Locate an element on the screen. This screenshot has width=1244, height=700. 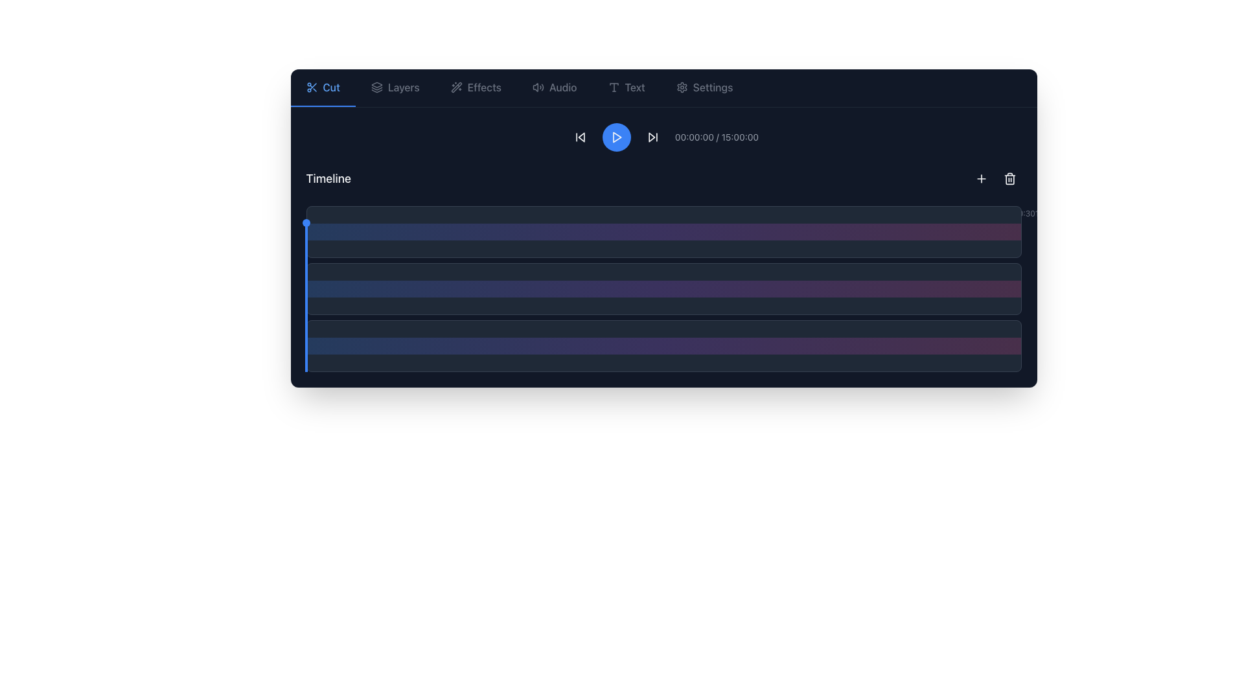
the text tool icon located at the top center of the interface, before the text label 'Text' is located at coordinates (613, 87).